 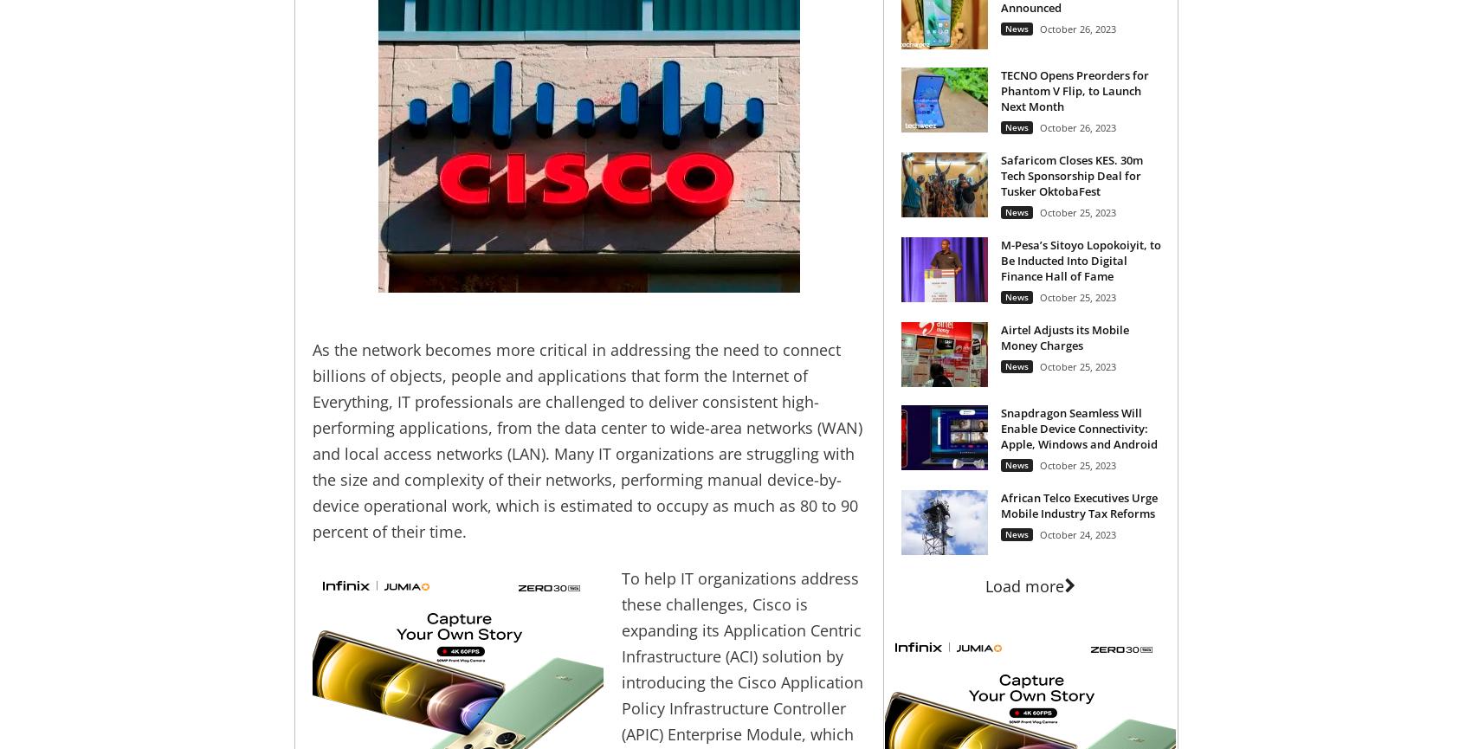 I want to click on 'Airtel Adjusts its Mobile Money Charges', so click(x=999, y=336).